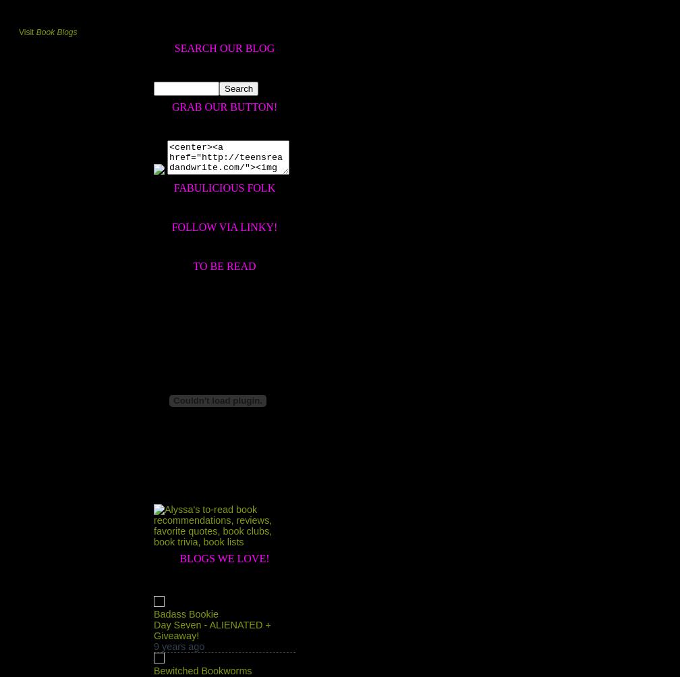 Image resolution: width=680 pixels, height=677 pixels. What do you see at coordinates (224, 105) in the screenshot?
I see `'Grab Our Button!'` at bounding box center [224, 105].